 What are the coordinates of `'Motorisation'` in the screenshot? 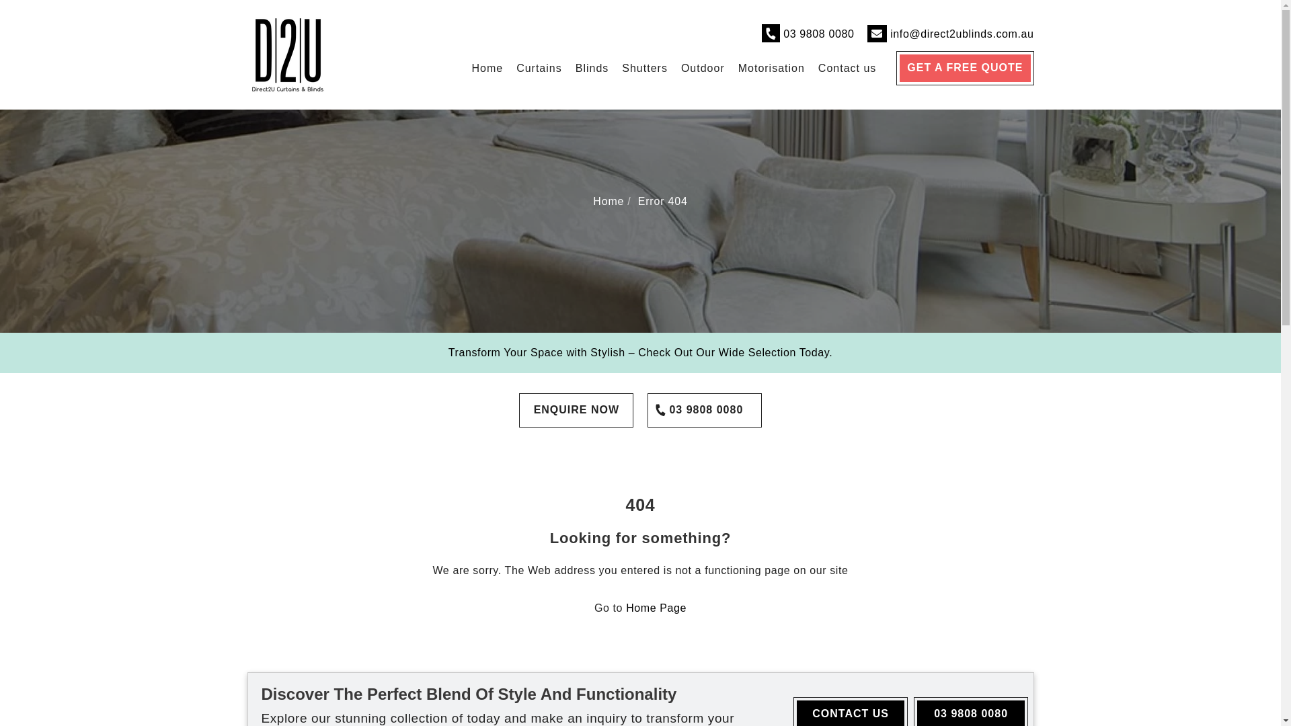 It's located at (771, 68).